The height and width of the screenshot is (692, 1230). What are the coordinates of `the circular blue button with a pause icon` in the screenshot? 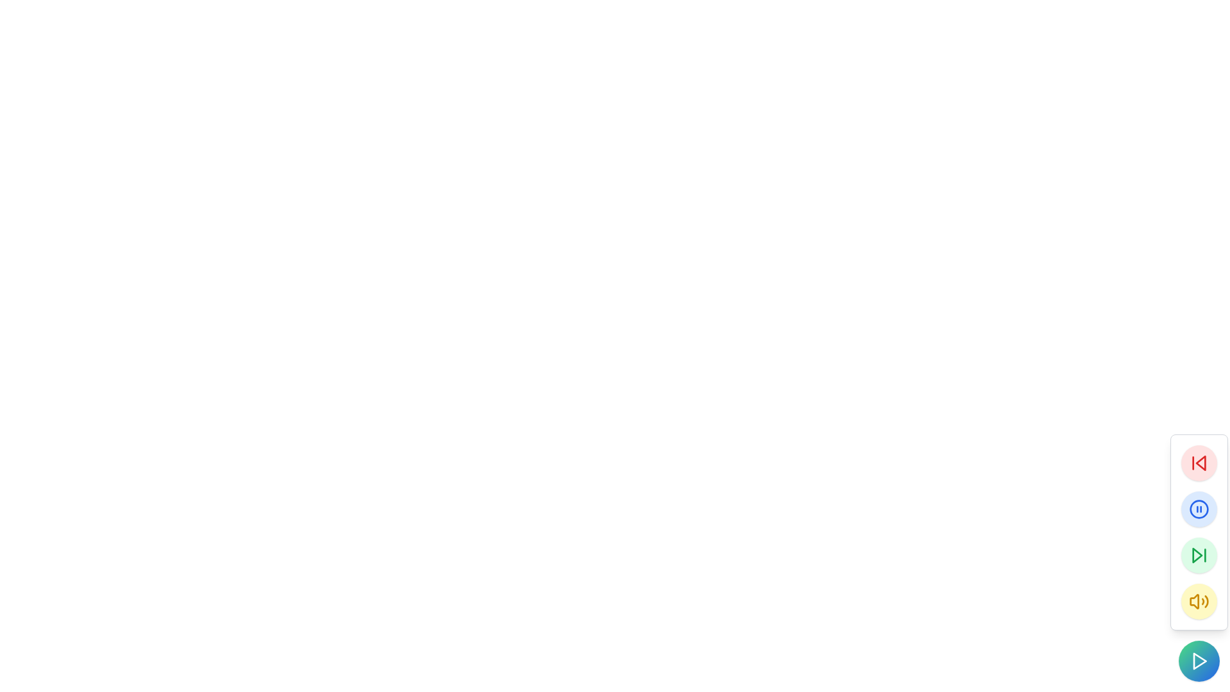 It's located at (1199, 508).